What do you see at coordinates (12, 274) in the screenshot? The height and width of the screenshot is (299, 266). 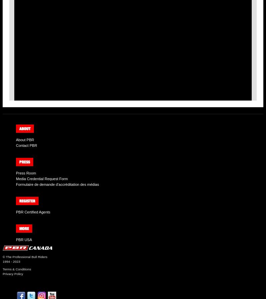 I see `'Privacy Policy'` at bounding box center [12, 274].